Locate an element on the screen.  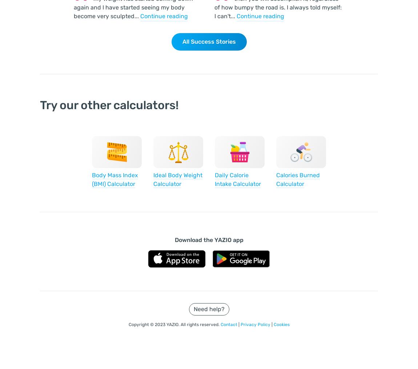
'Copyright © 2023 YAZIO. All rights reserved.' is located at coordinates (174, 324).